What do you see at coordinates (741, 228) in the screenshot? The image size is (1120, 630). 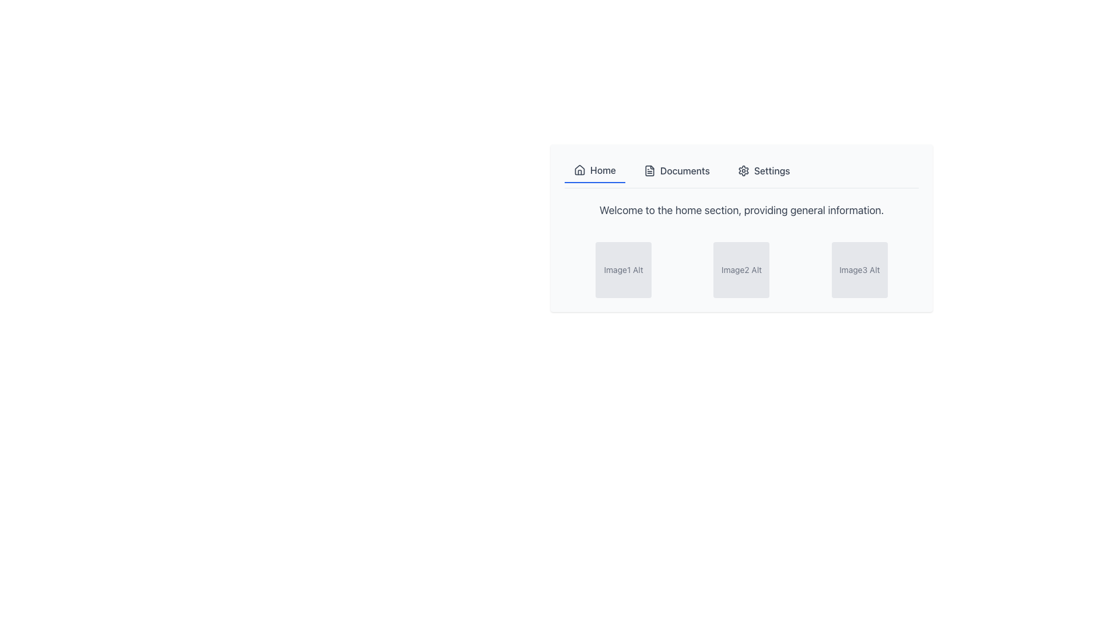 I see `the image placeholders within the image display panel` at bounding box center [741, 228].